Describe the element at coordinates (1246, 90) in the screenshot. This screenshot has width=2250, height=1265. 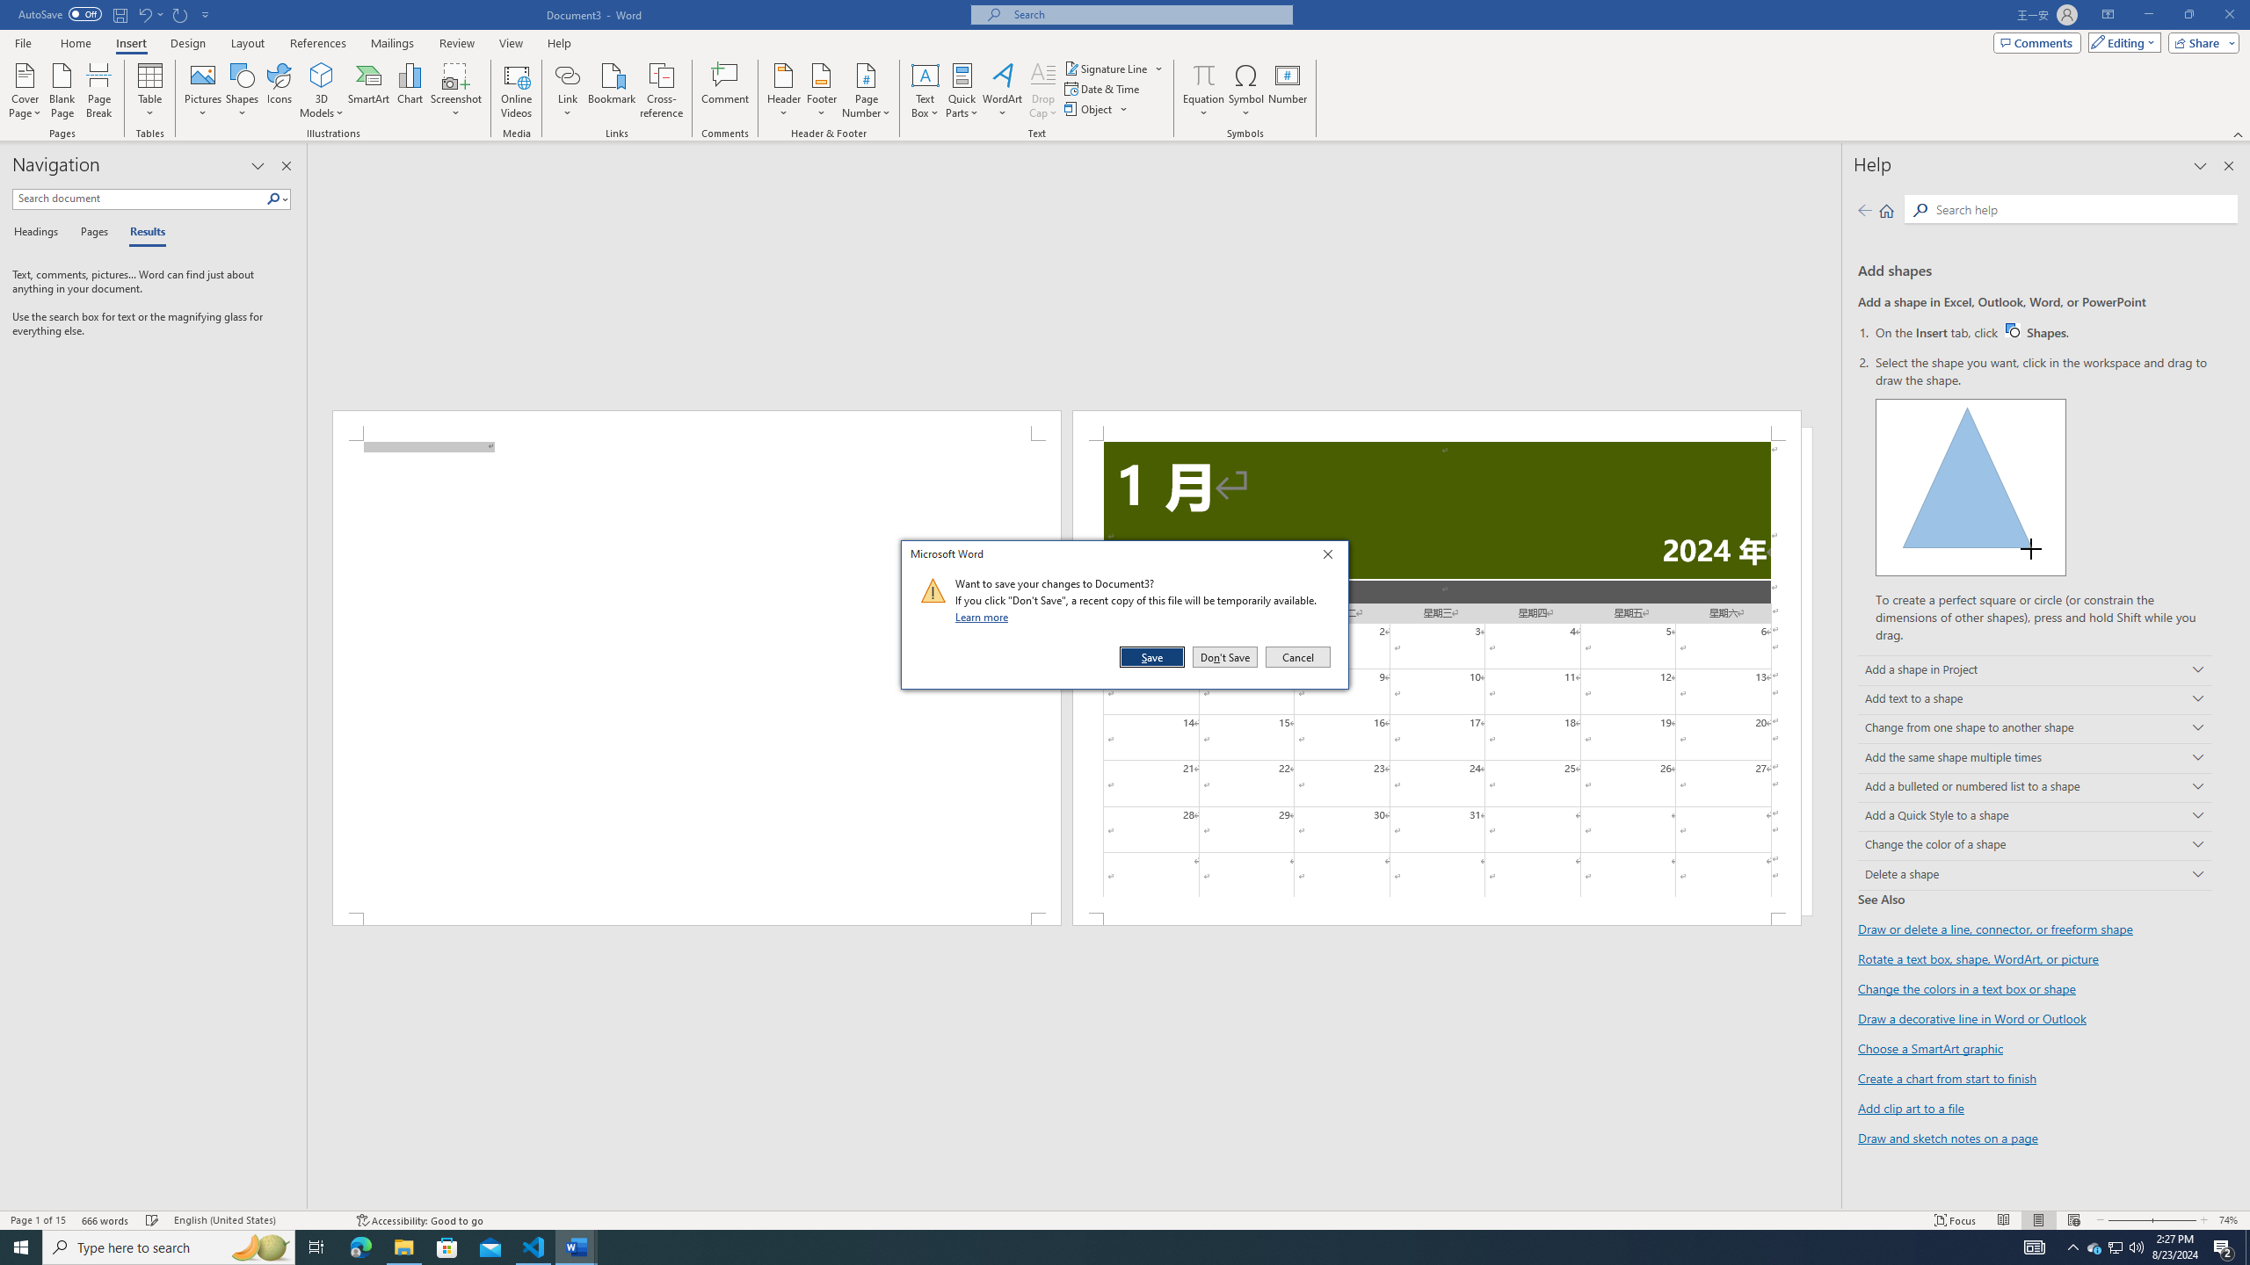
I see `'Symbol'` at that location.